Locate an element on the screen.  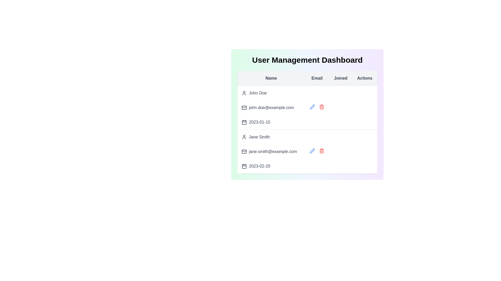
the User Management Dashboard header to verify its visibility and correctness is located at coordinates (307, 60).